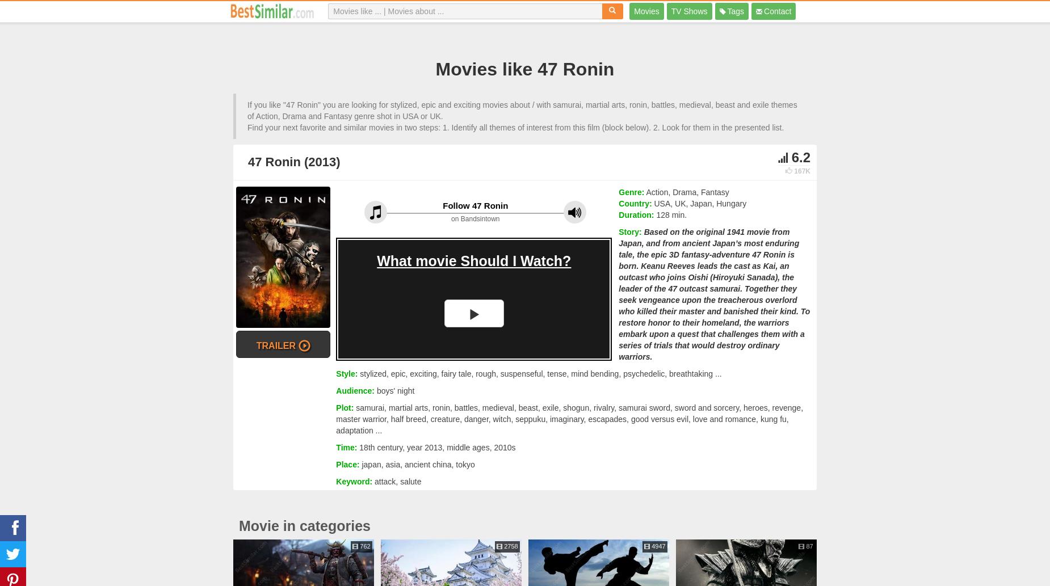  Describe the element at coordinates (802, 171) in the screenshot. I see `'167K'` at that location.